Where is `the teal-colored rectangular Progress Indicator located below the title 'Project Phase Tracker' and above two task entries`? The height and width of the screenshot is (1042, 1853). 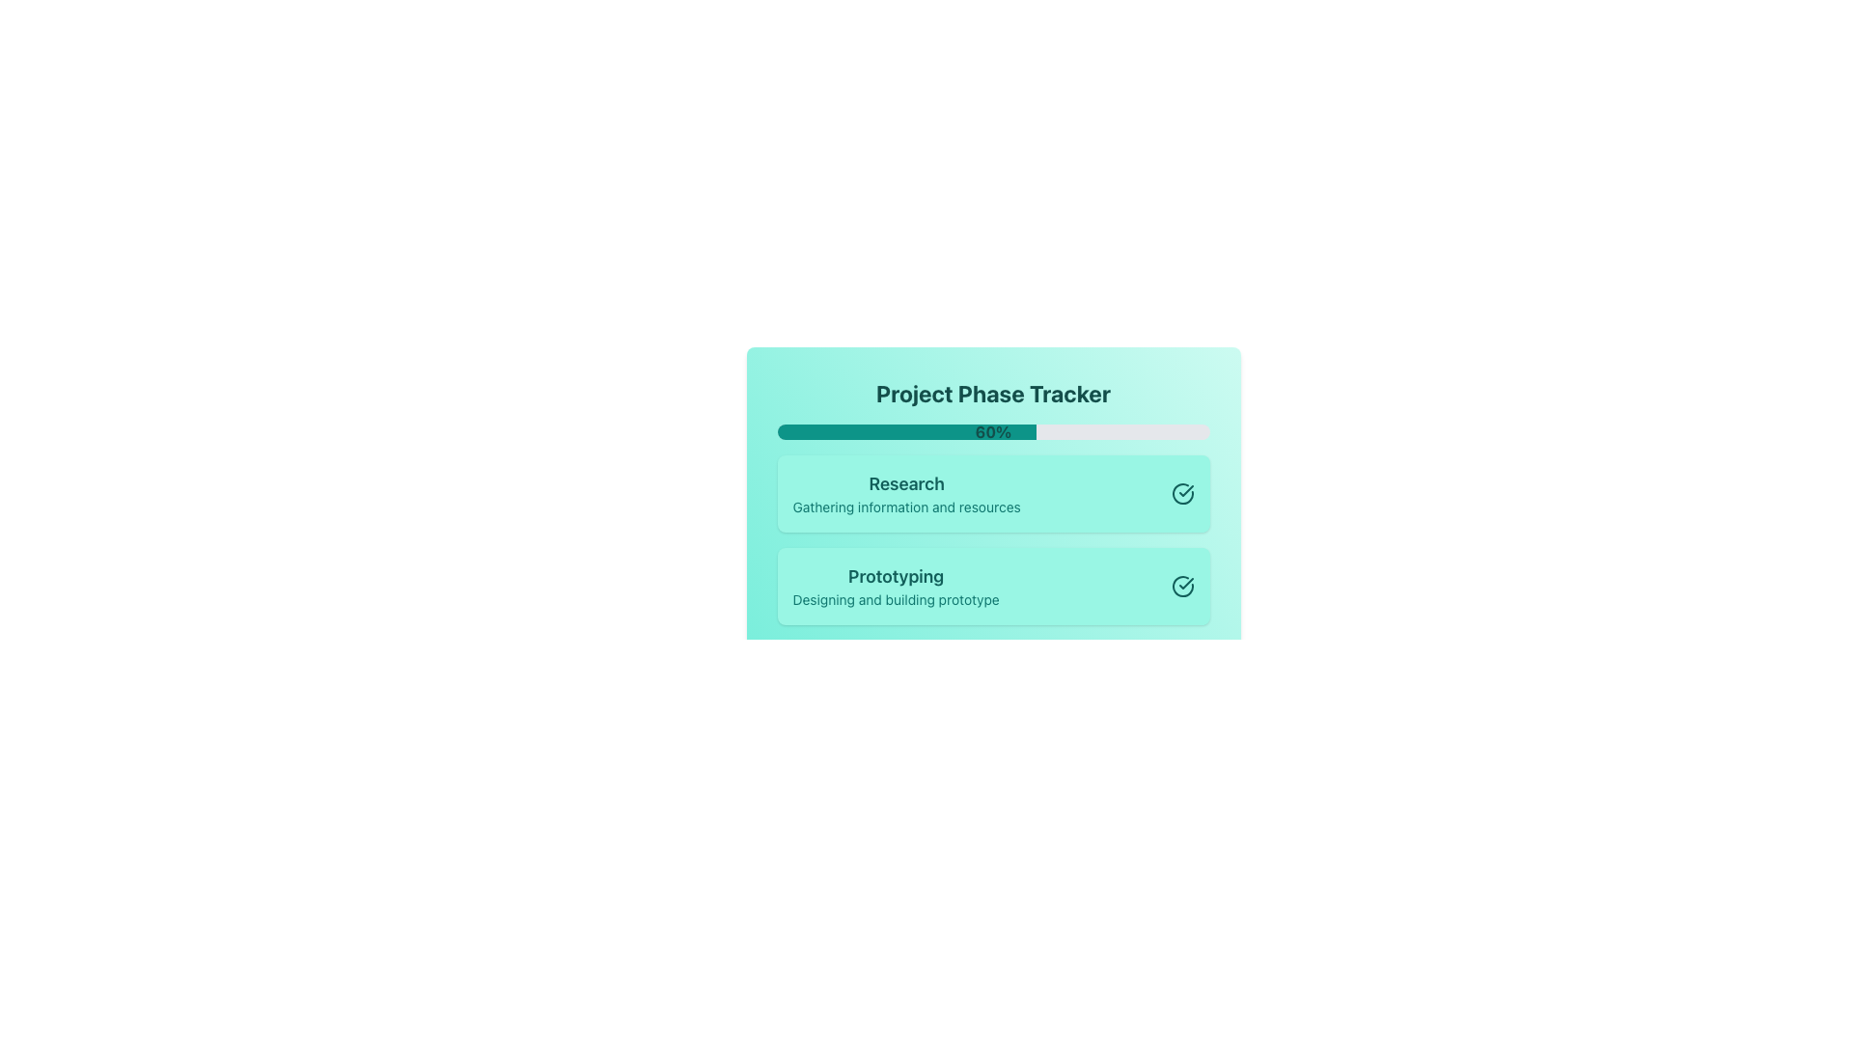
the teal-colored rectangular Progress Indicator located below the title 'Project Phase Tracker' and above two task entries is located at coordinates (905, 430).